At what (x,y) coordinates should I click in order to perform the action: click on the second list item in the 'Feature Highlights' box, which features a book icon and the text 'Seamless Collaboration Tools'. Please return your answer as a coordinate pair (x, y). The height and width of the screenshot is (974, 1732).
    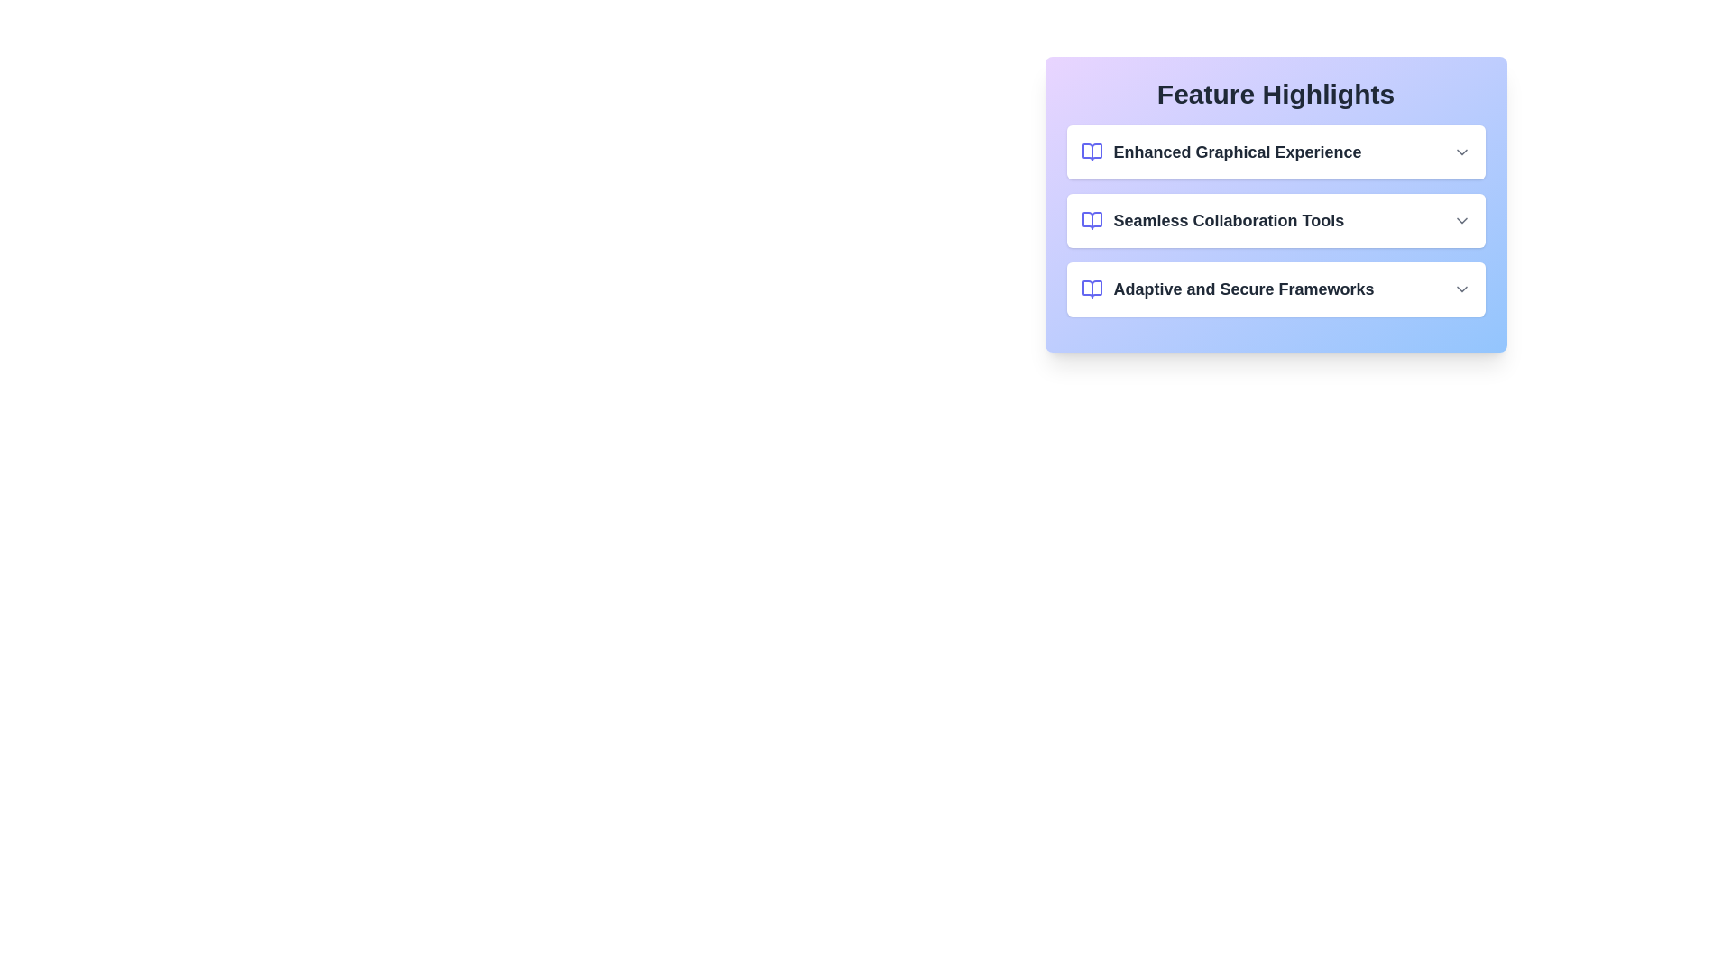
    Looking at the image, I should click on (1275, 220).